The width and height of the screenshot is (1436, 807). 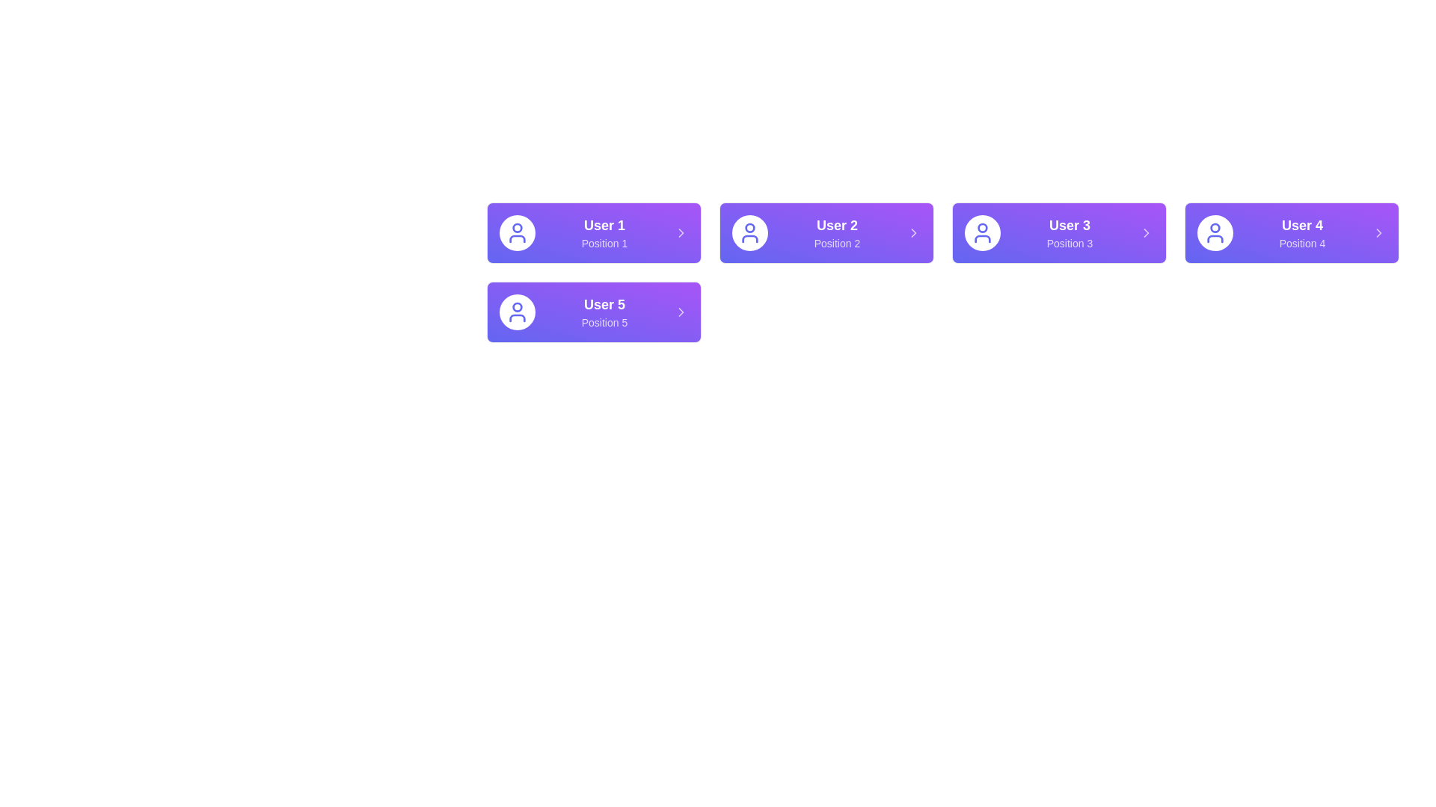 I want to click on the user avatar located at the left end of the card labeled 'User 3 Position 3', so click(x=983, y=233).